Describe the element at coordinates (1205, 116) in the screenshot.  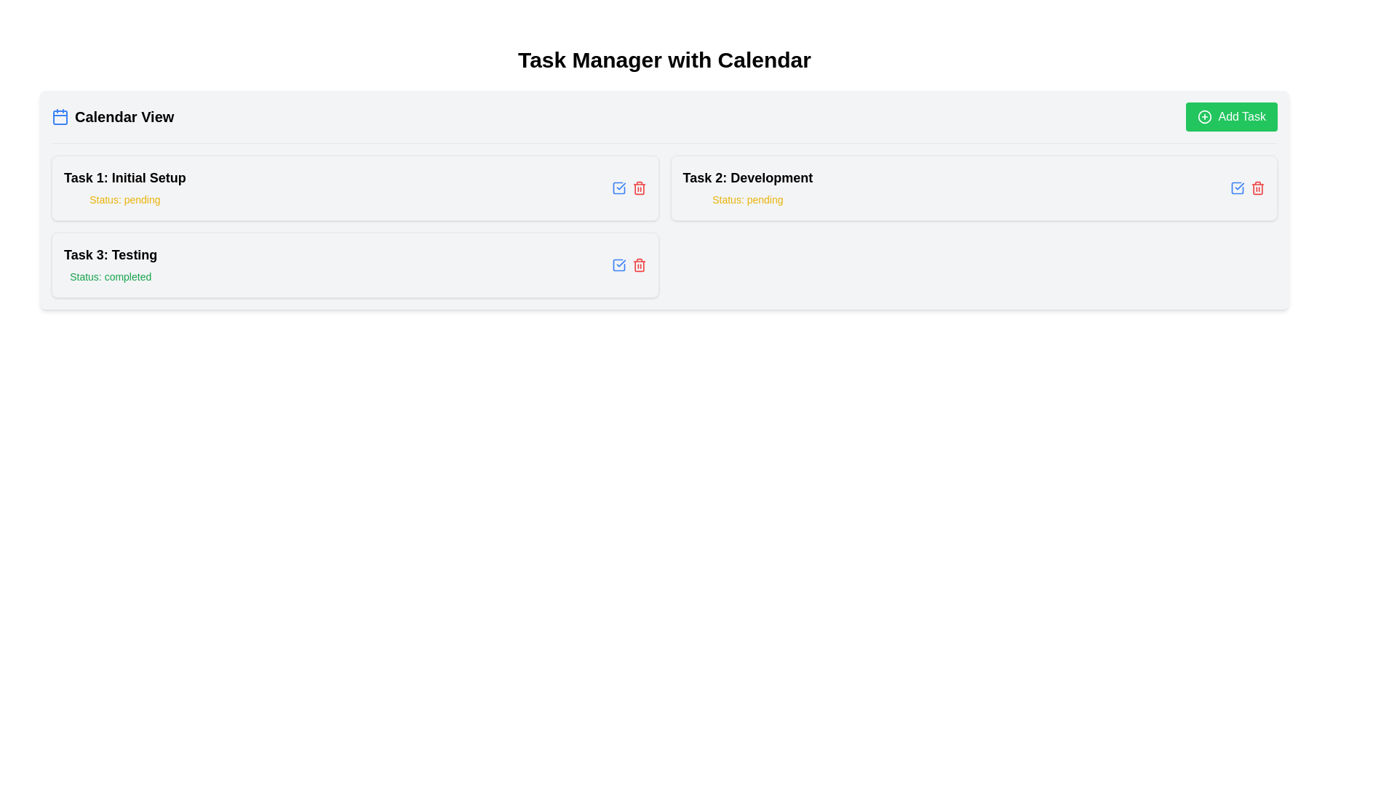
I see `the circular icon with a green background and a white plus sign located at the left end of the 'Add Task' button in the top-right area of the header section` at that location.